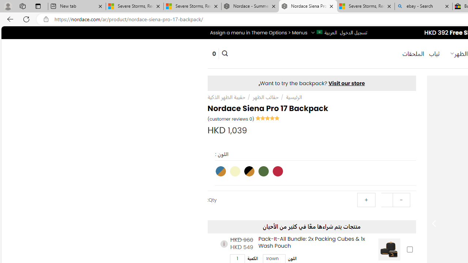 The width and height of the screenshot is (468, 263). Describe the element at coordinates (223, 244) in the screenshot. I see `'i'` at that location.